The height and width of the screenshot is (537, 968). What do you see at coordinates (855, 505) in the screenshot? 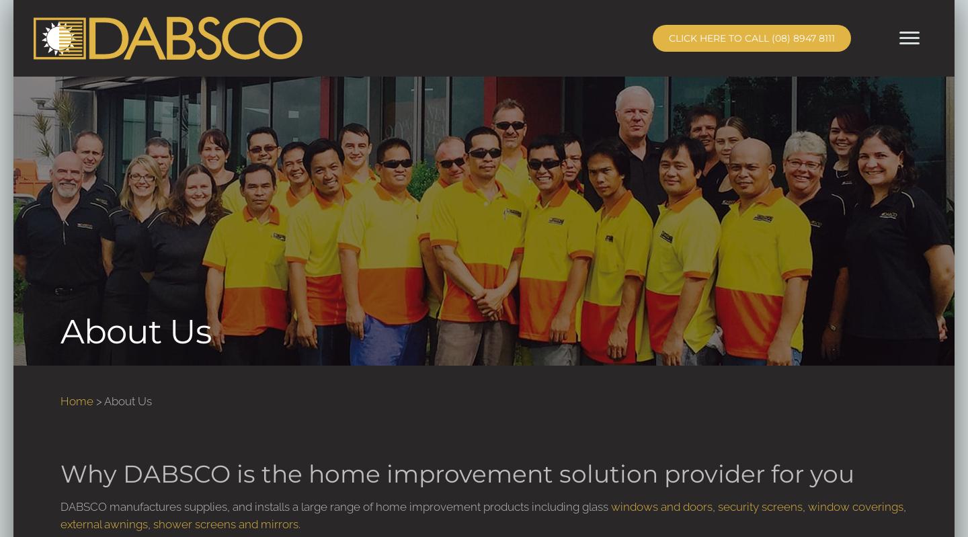
I see `'window coverings'` at bounding box center [855, 505].